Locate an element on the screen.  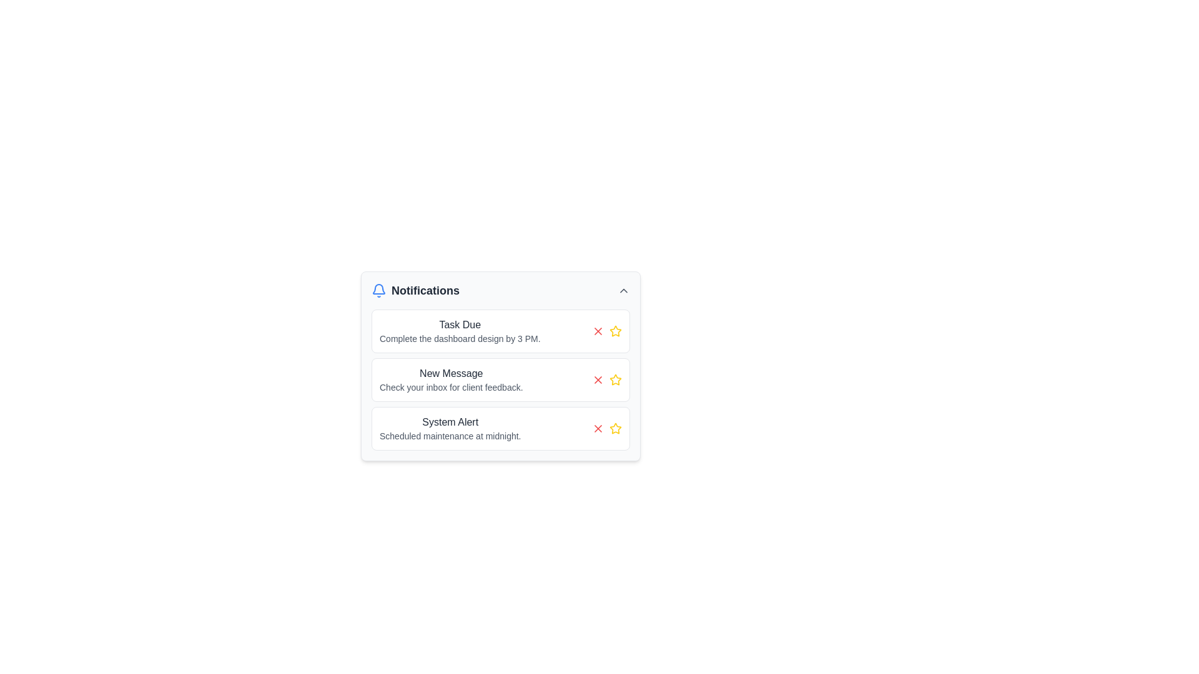
the text label displaying 'Scheduled maintenance at midnight.' located below the 'System Alert' title in the notification card is located at coordinates (450, 435).